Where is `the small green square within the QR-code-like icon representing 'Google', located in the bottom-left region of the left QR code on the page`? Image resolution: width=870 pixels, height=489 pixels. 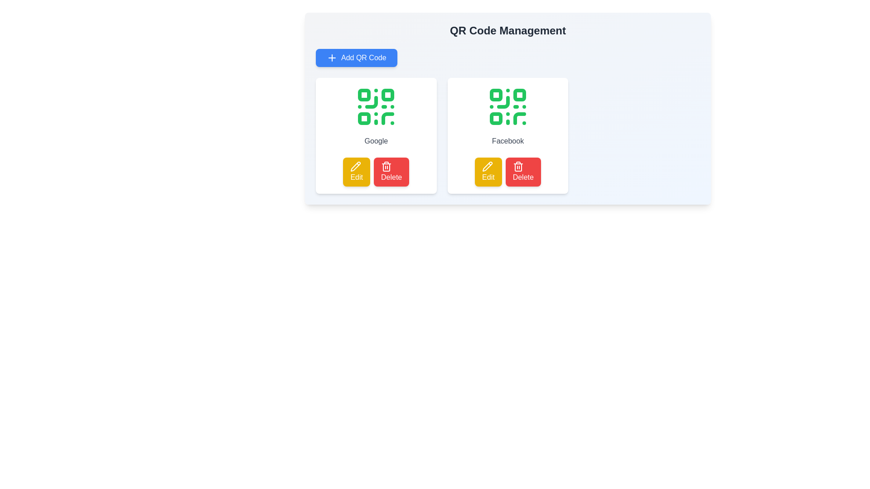
the small green square within the QR-code-like icon representing 'Google', located in the bottom-left region of the left QR code on the page is located at coordinates (364, 118).